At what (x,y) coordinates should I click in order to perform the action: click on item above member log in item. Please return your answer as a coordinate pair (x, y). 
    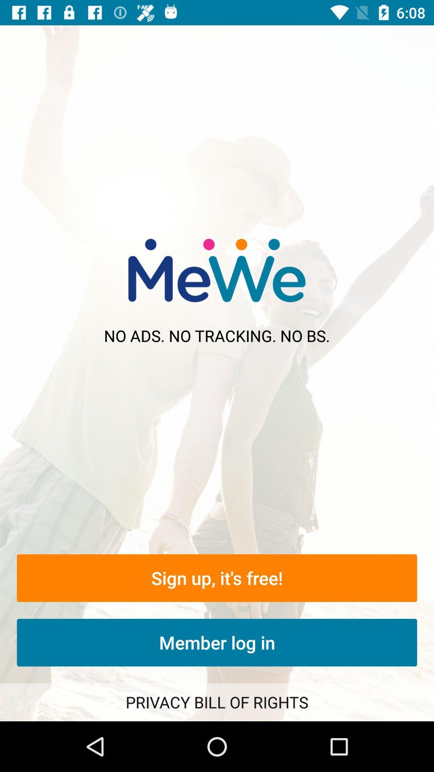
    Looking at the image, I should click on (217, 577).